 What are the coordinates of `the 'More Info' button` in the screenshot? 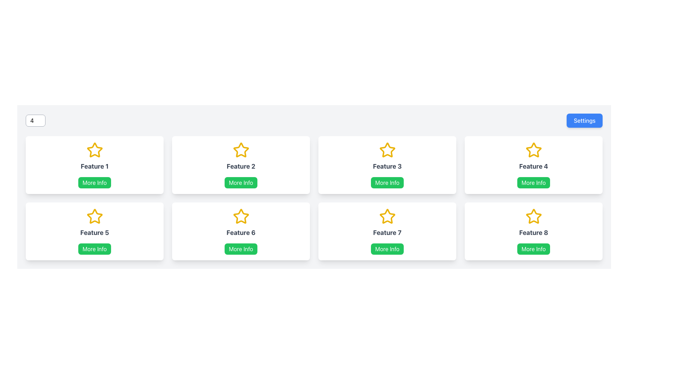 It's located at (387, 182).